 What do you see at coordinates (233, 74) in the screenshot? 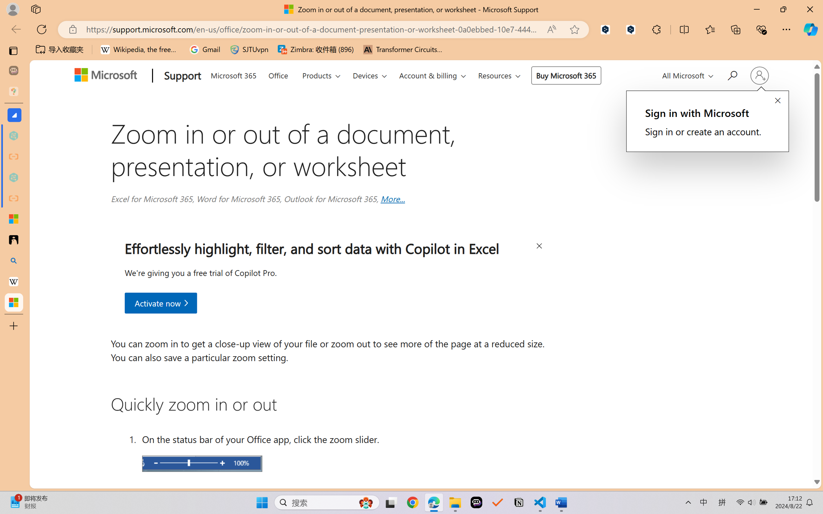
I see `'Microsoft 365'` at bounding box center [233, 74].